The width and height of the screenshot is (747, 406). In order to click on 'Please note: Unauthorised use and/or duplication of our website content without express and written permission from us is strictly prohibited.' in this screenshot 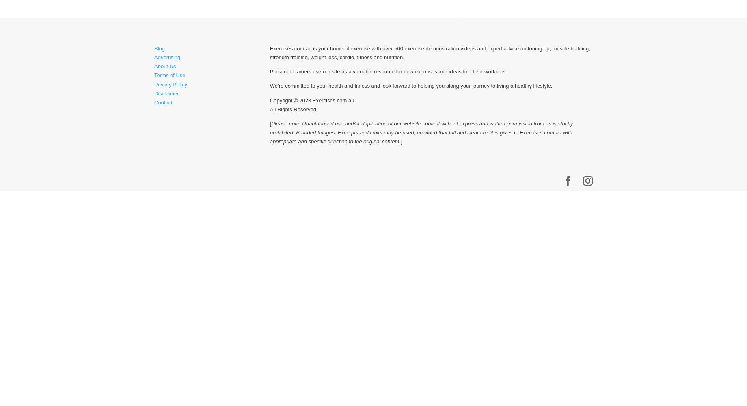, I will do `click(421, 127)`.